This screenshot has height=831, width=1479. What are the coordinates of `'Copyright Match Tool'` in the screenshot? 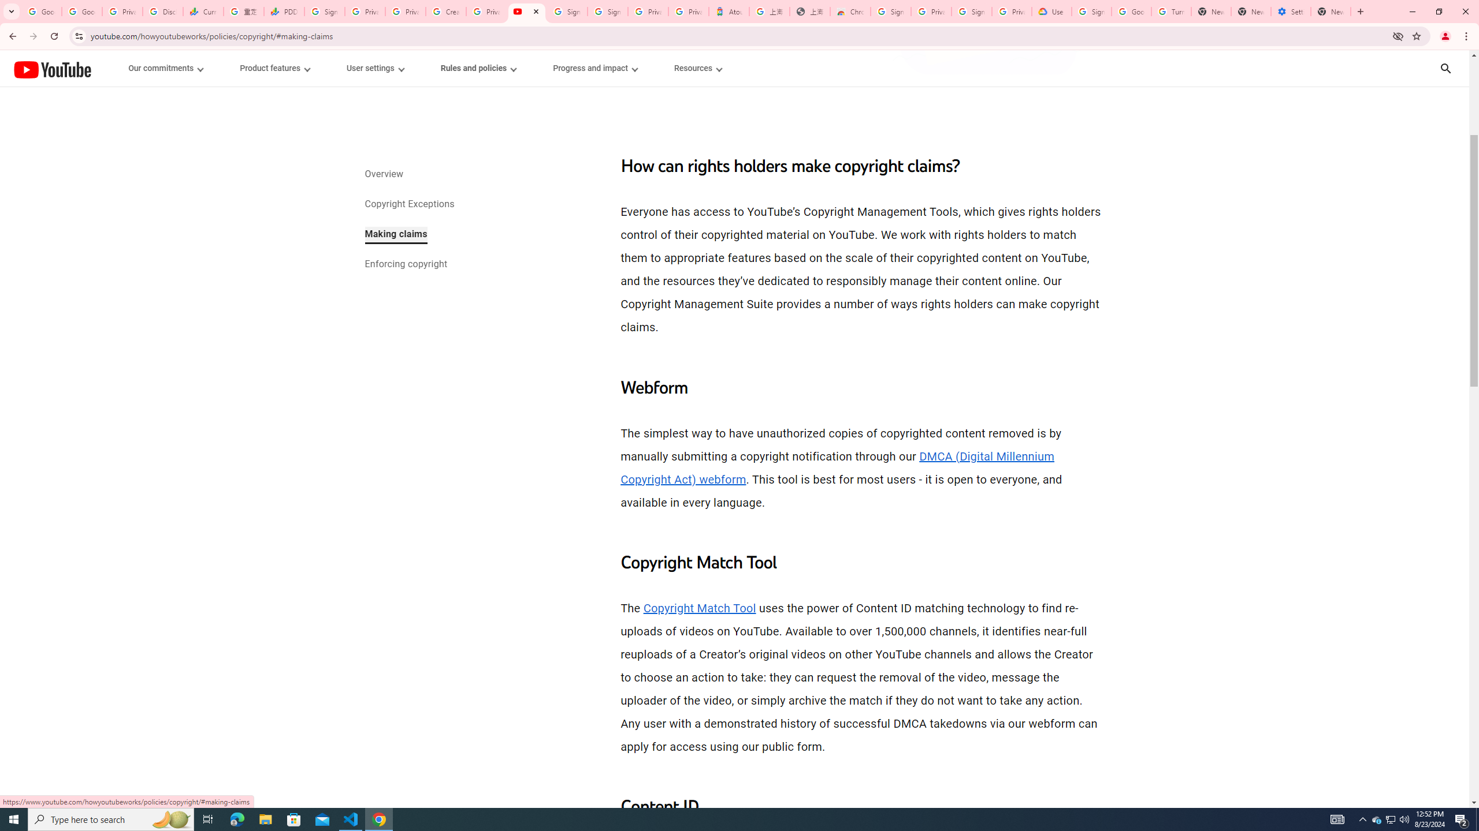 It's located at (699, 608).